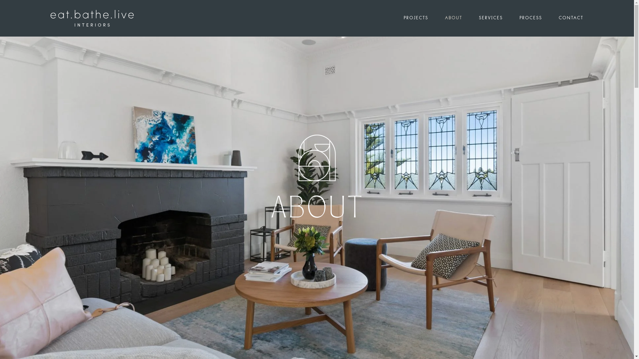  I want to click on 'ABOUT', so click(461, 18).